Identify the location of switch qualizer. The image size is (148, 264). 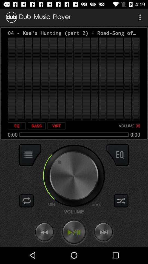
(117, 155).